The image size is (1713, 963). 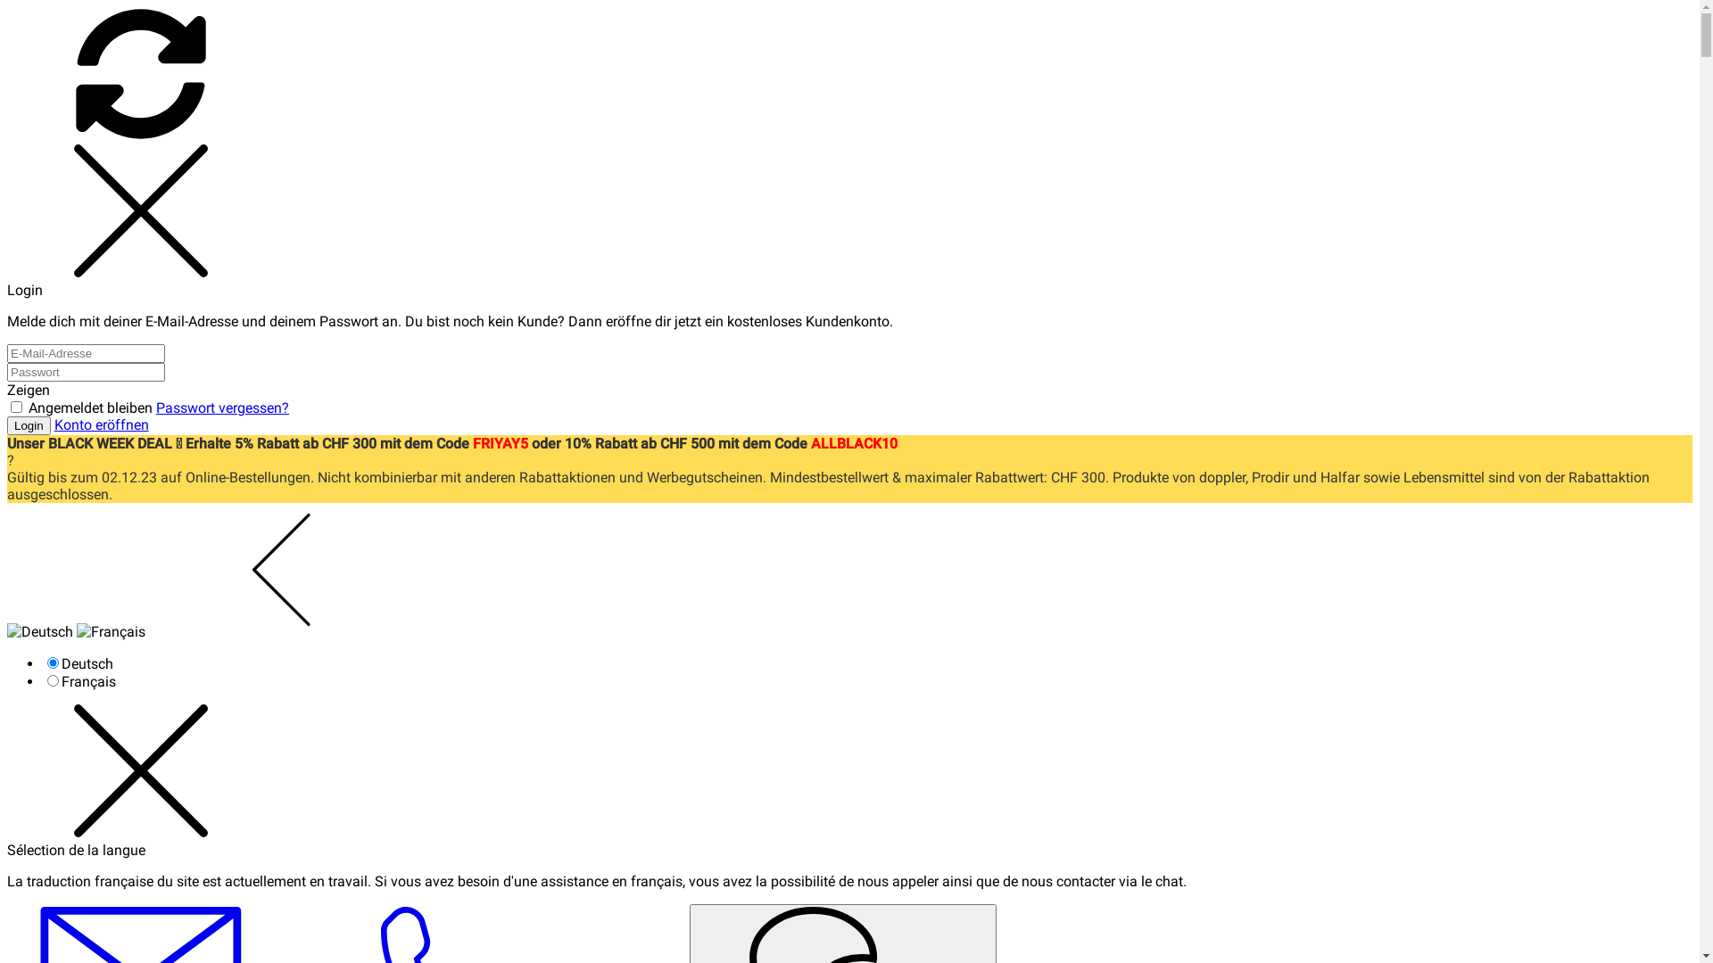 I want to click on 'Login', so click(x=29, y=425).